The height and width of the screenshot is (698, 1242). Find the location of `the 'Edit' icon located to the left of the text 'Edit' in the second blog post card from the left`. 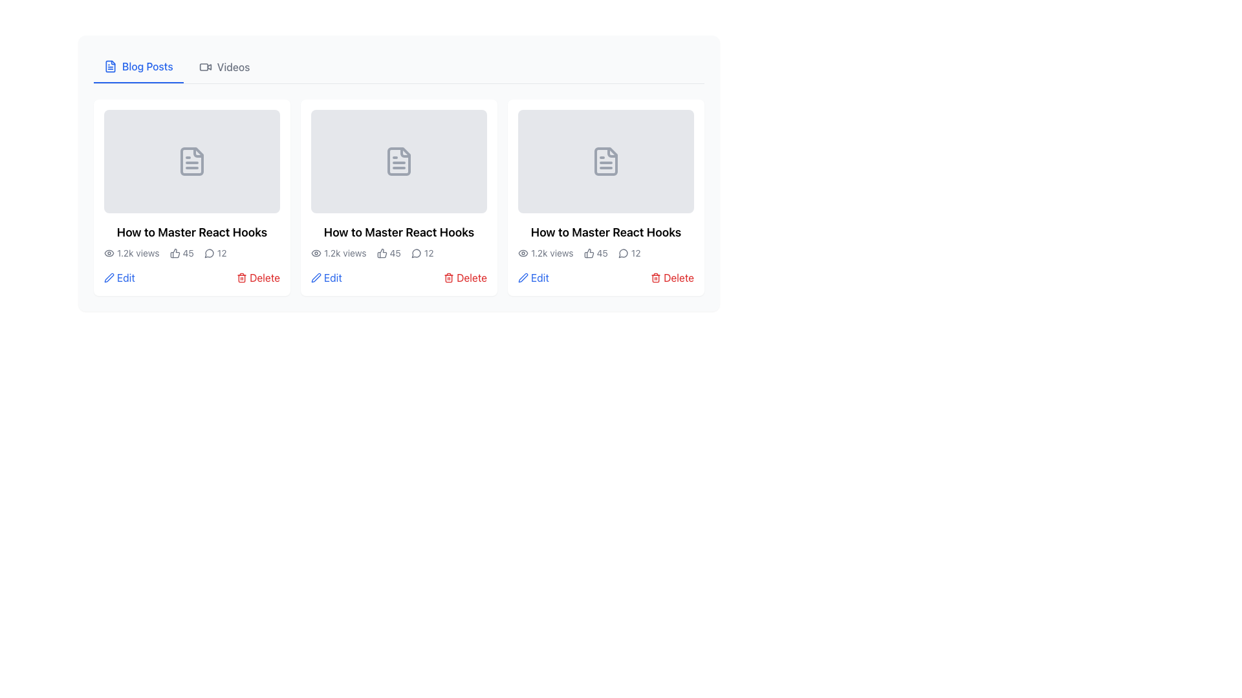

the 'Edit' icon located to the left of the text 'Edit' in the second blog post card from the left is located at coordinates (316, 277).